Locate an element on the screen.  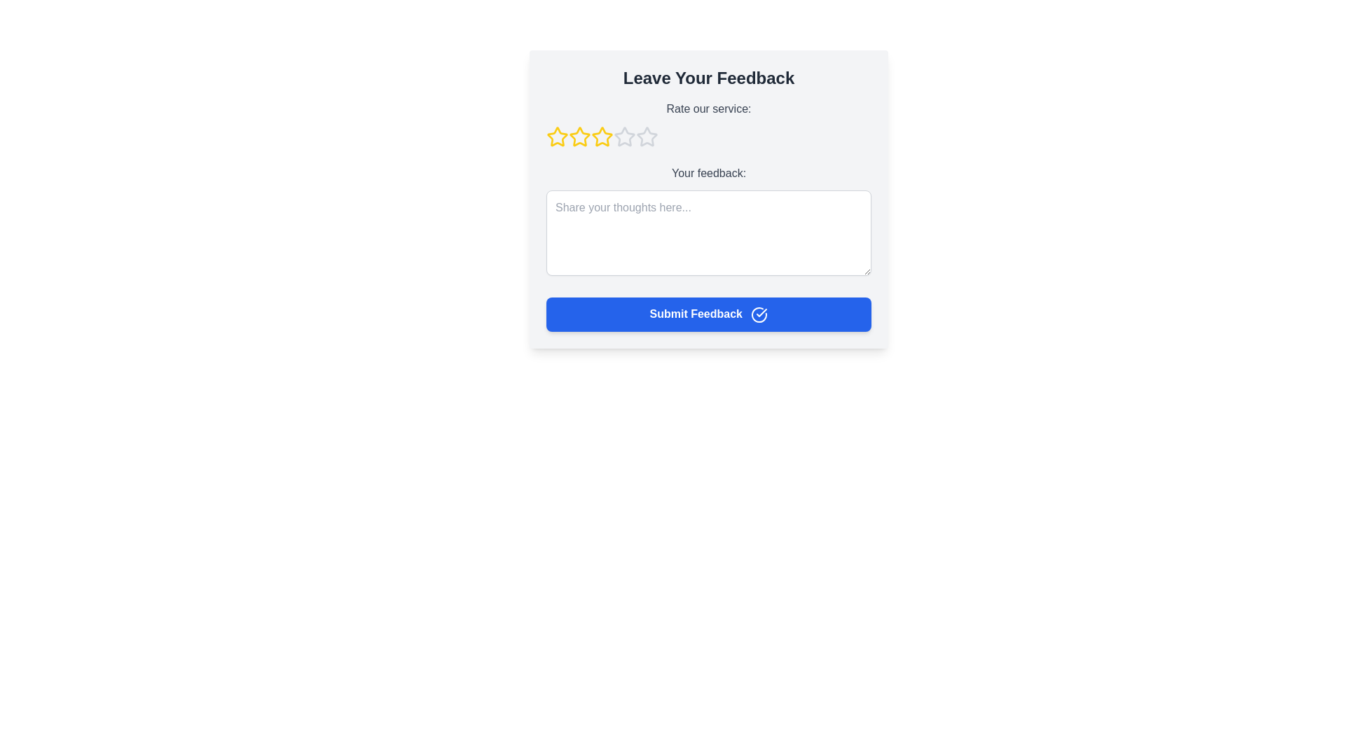
the label text 'Your feedback:' which is styled in medium-sized gray font and located in the mid-section of the form, below the star rating input is located at coordinates (709, 172).